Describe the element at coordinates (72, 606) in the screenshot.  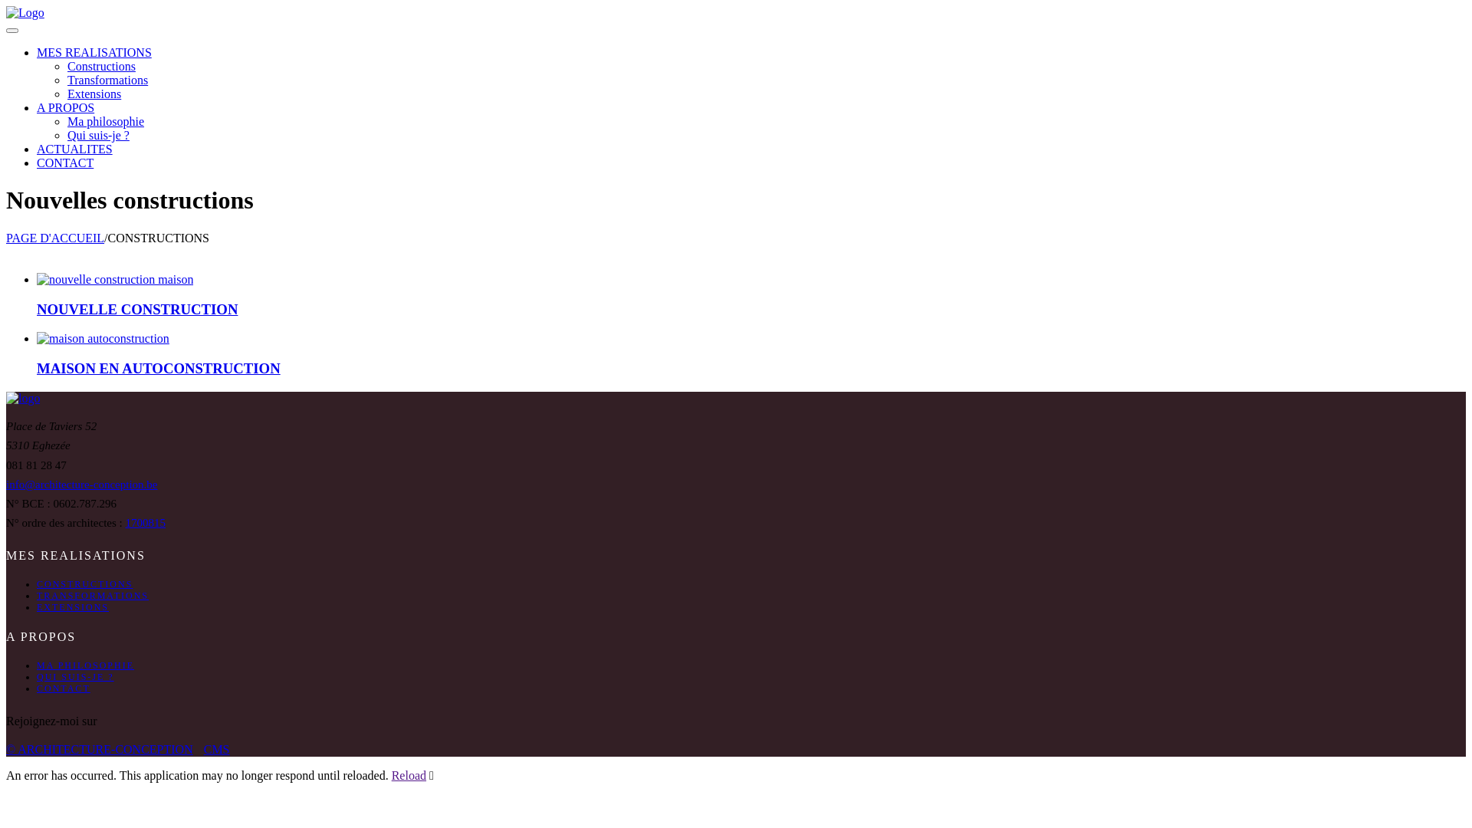
I see `'EXTENSIONS'` at that location.